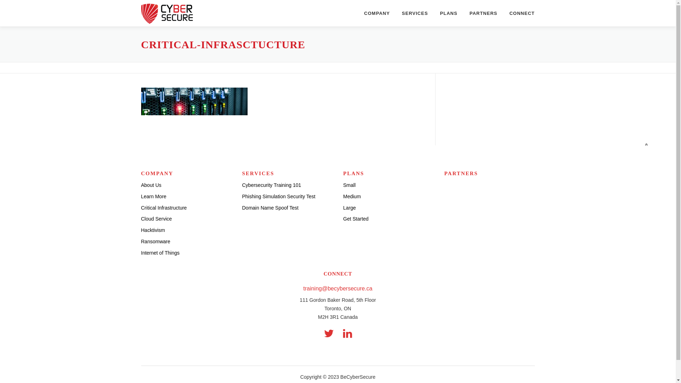 The height and width of the screenshot is (383, 681). Describe the element at coordinates (160, 252) in the screenshot. I see `'Internet of Things'` at that location.